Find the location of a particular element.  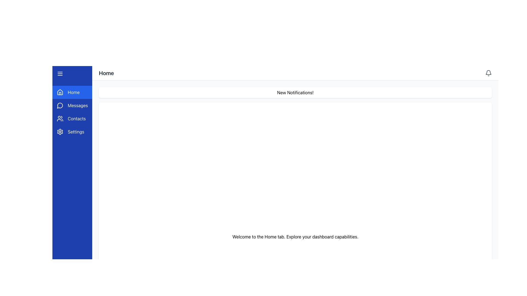

the text label located in the top horizontal bar of the interface, aligned towards the left, which serves as a header indicating the current application section is located at coordinates (106, 73).